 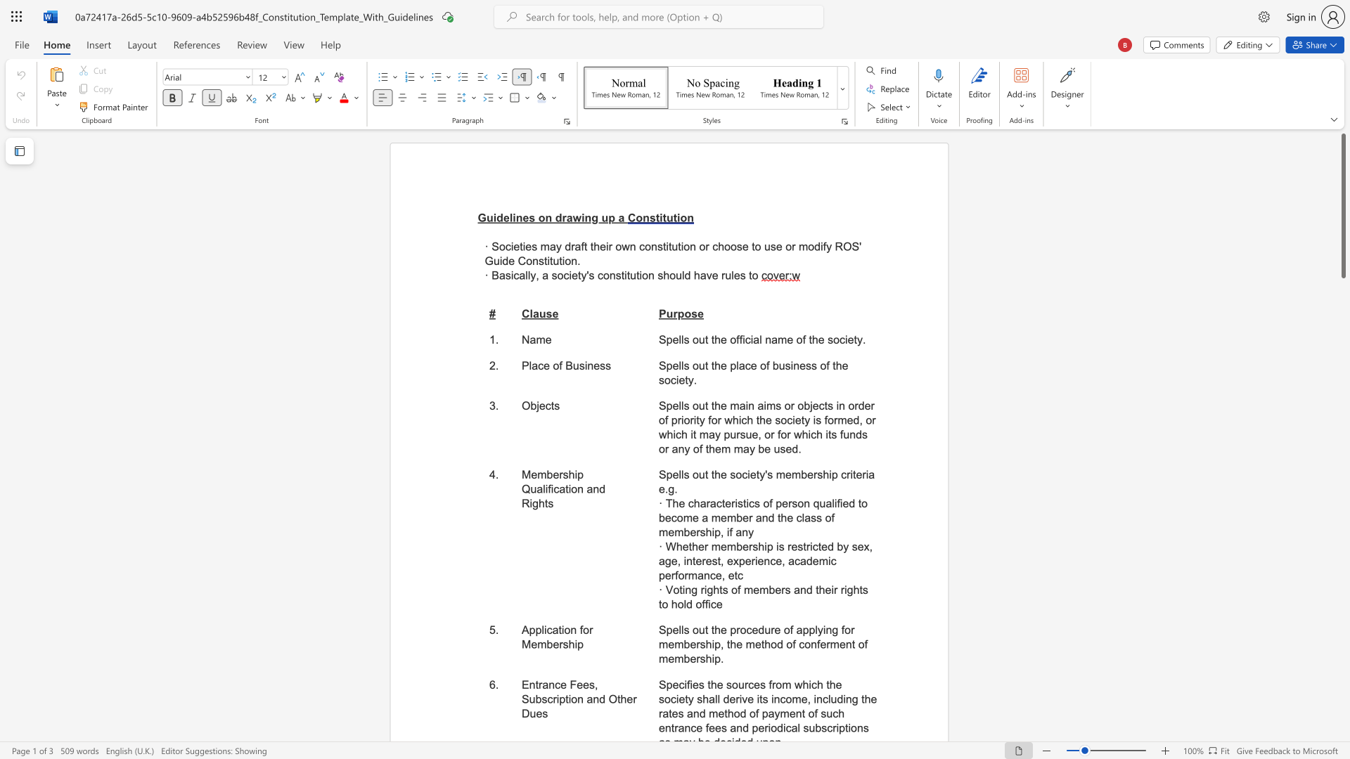 I want to click on the 3th character "i" in the text, so click(x=583, y=217).